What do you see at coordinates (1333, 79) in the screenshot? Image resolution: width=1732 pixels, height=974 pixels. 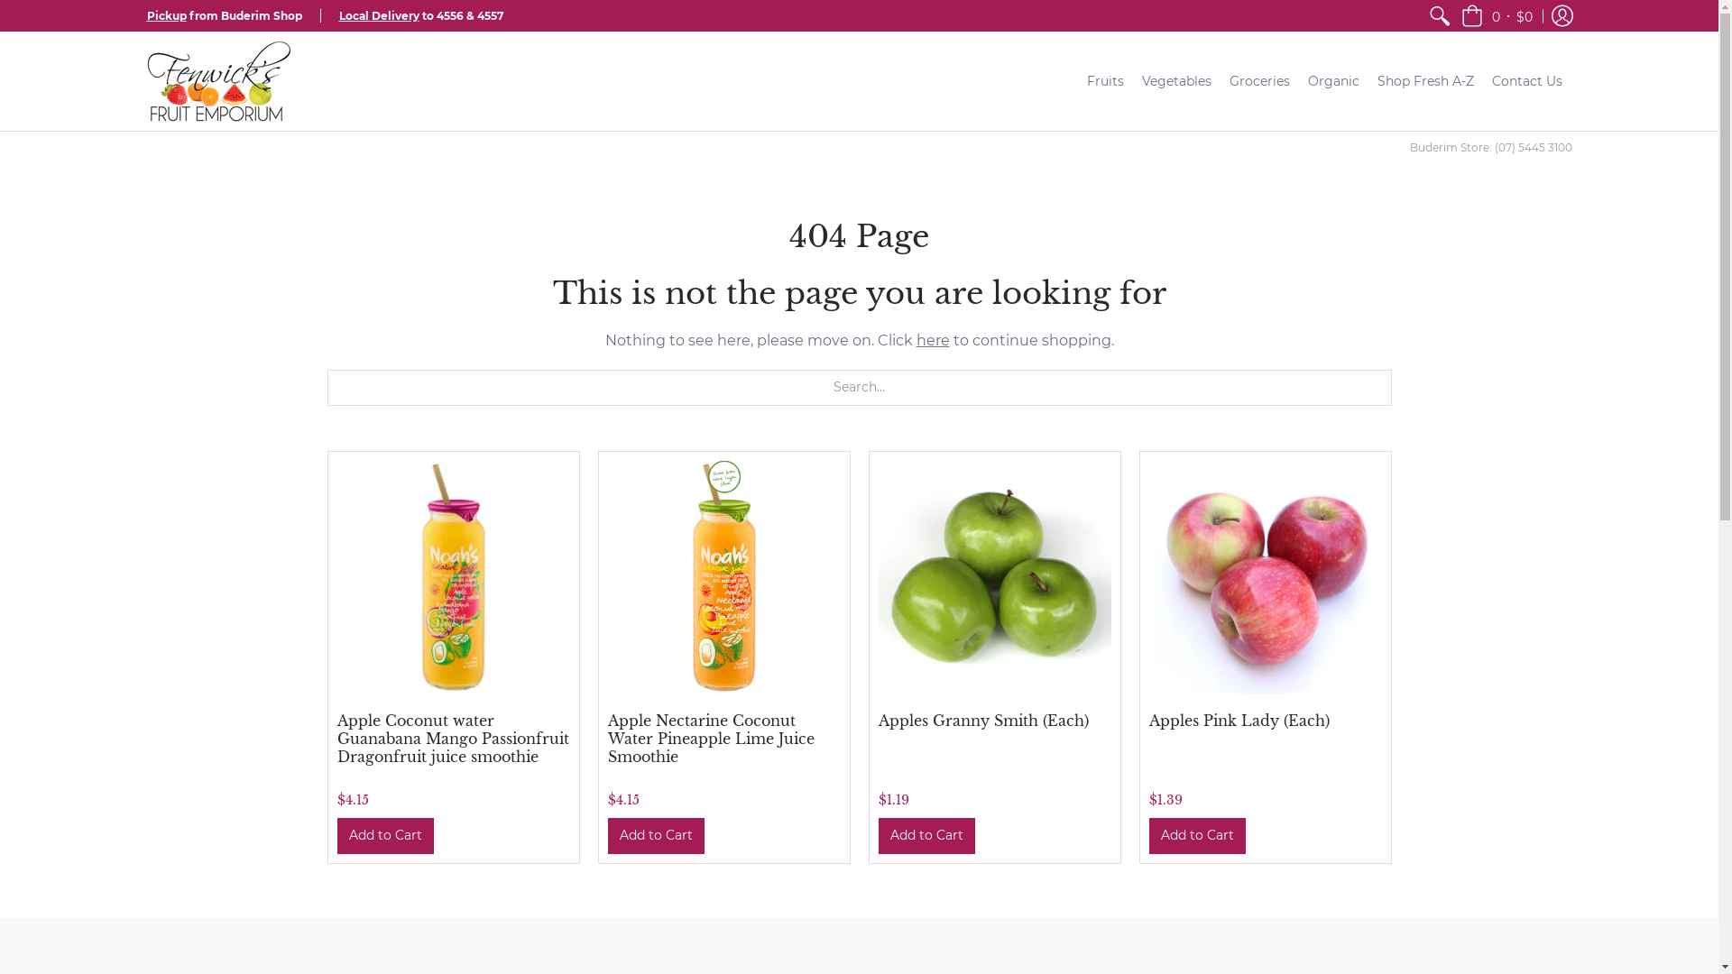 I see `'Organic'` at bounding box center [1333, 79].